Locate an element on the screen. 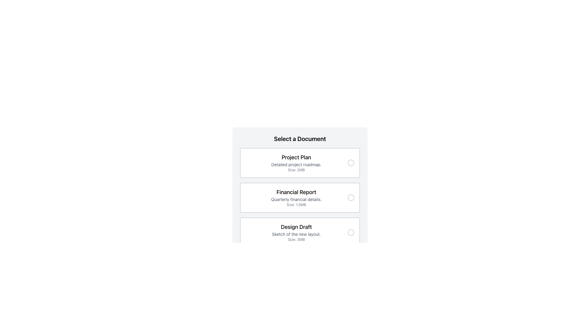 The height and width of the screenshot is (324, 576). code for the SVG circle that represents the selected state of the radio button next to the 'Financial Report' label is located at coordinates (351, 198).